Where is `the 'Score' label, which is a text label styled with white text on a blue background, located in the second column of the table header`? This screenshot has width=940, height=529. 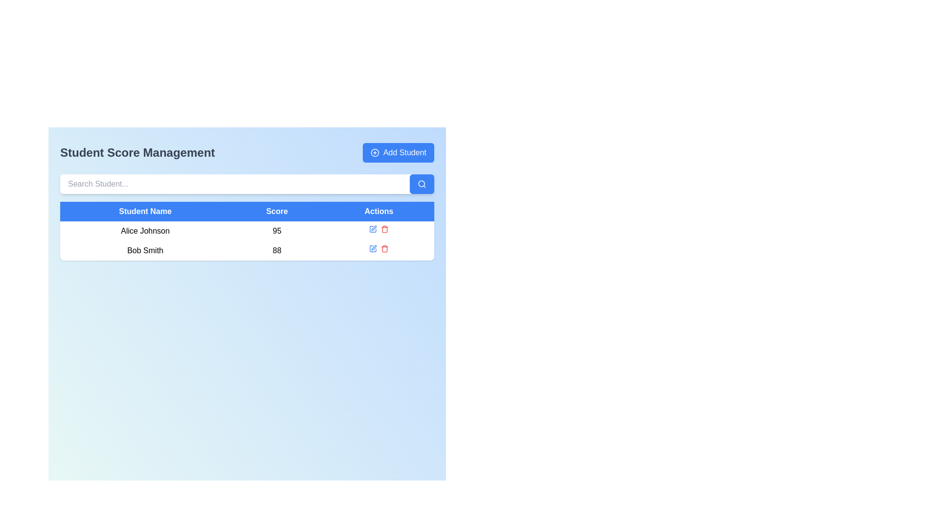 the 'Score' label, which is a text label styled with white text on a blue background, located in the second column of the table header is located at coordinates (276, 211).